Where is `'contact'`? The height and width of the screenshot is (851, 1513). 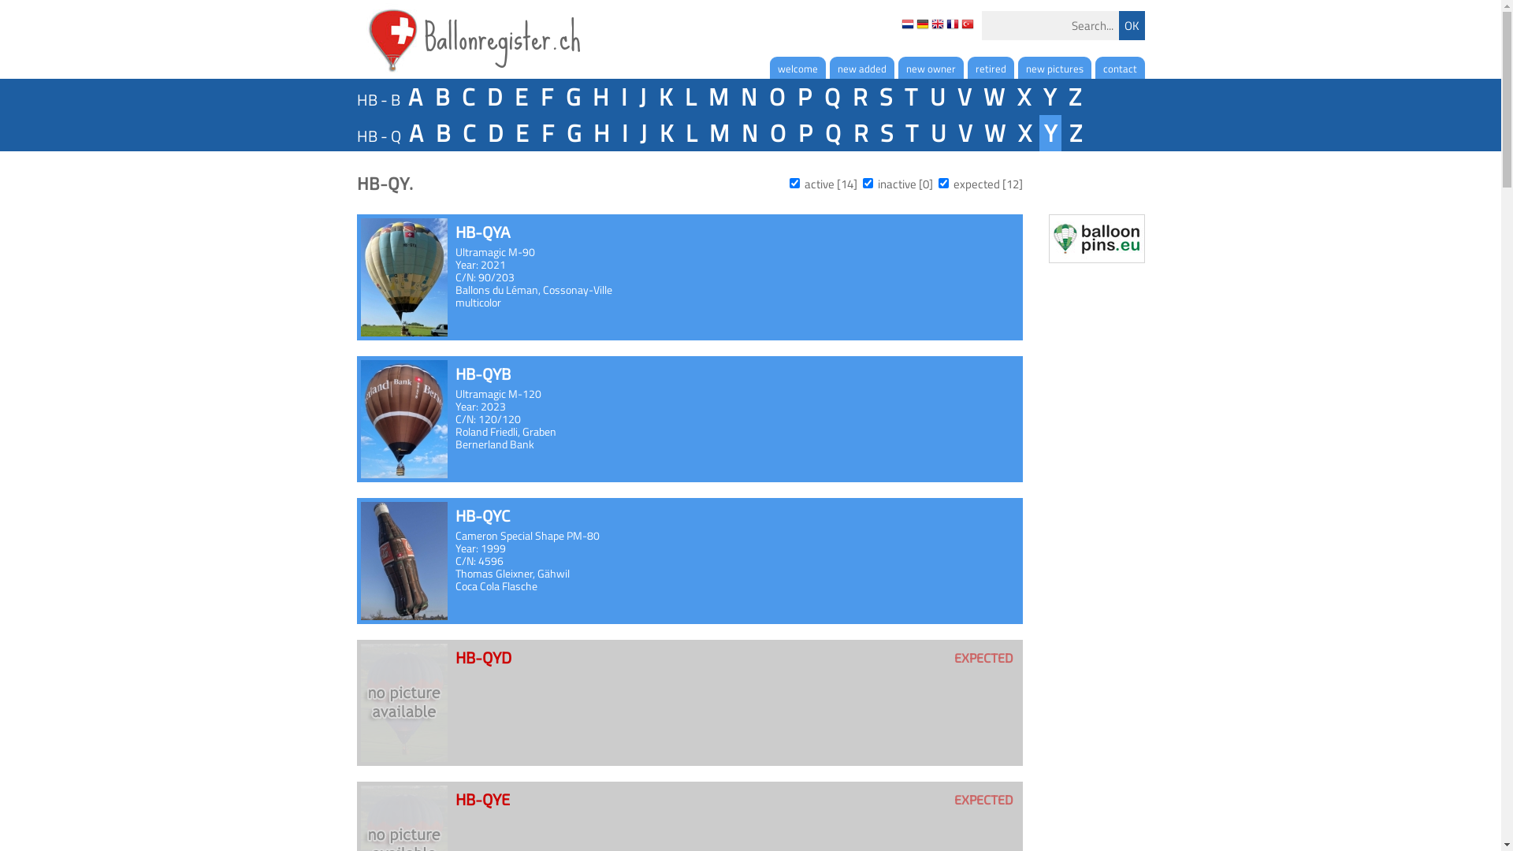
'contact' is located at coordinates (1119, 66).